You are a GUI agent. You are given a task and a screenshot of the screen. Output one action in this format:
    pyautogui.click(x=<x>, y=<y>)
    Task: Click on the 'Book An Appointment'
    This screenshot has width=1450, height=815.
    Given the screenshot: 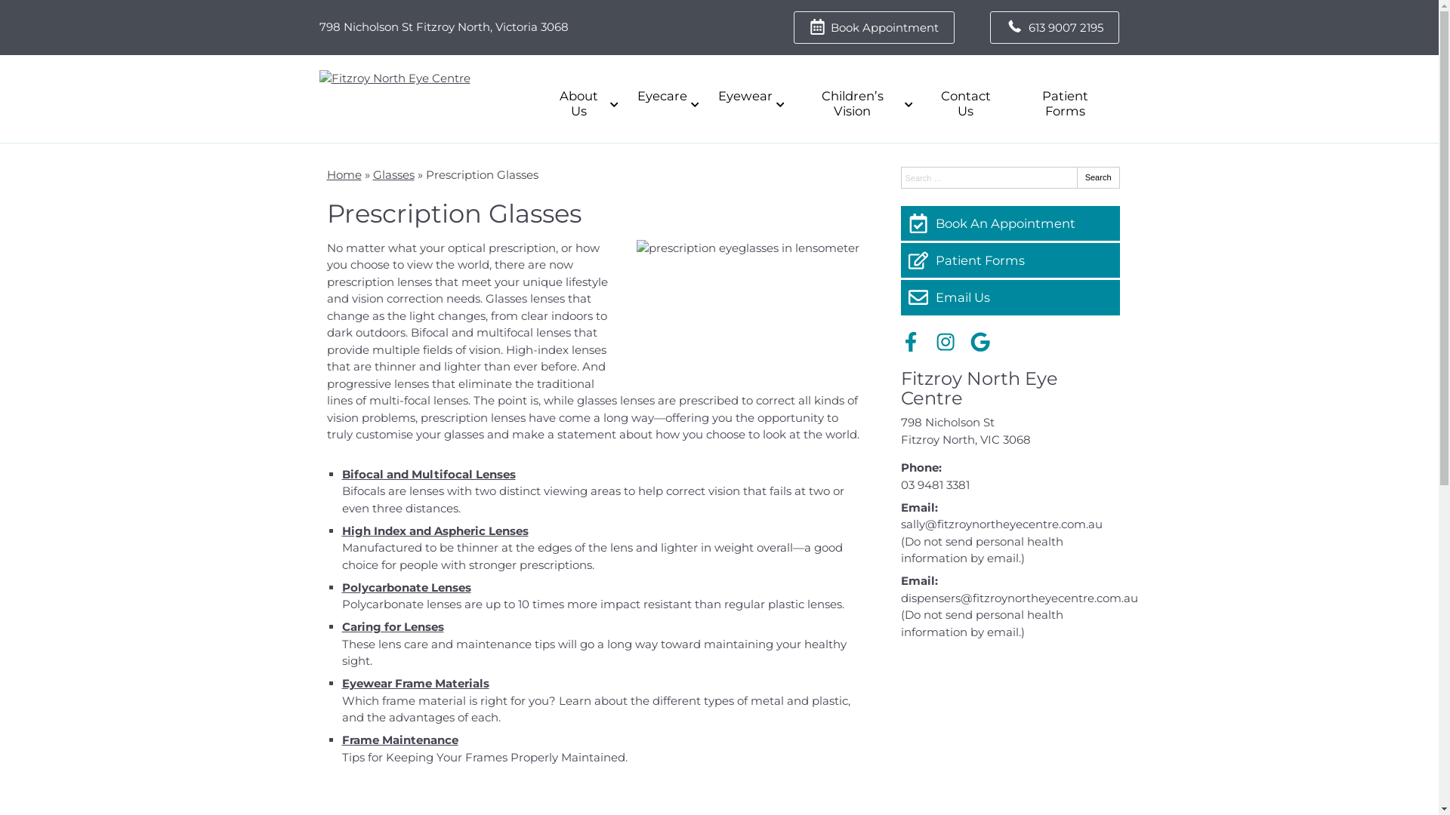 What is the action you would take?
    pyautogui.click(x=1010, y=223)
    